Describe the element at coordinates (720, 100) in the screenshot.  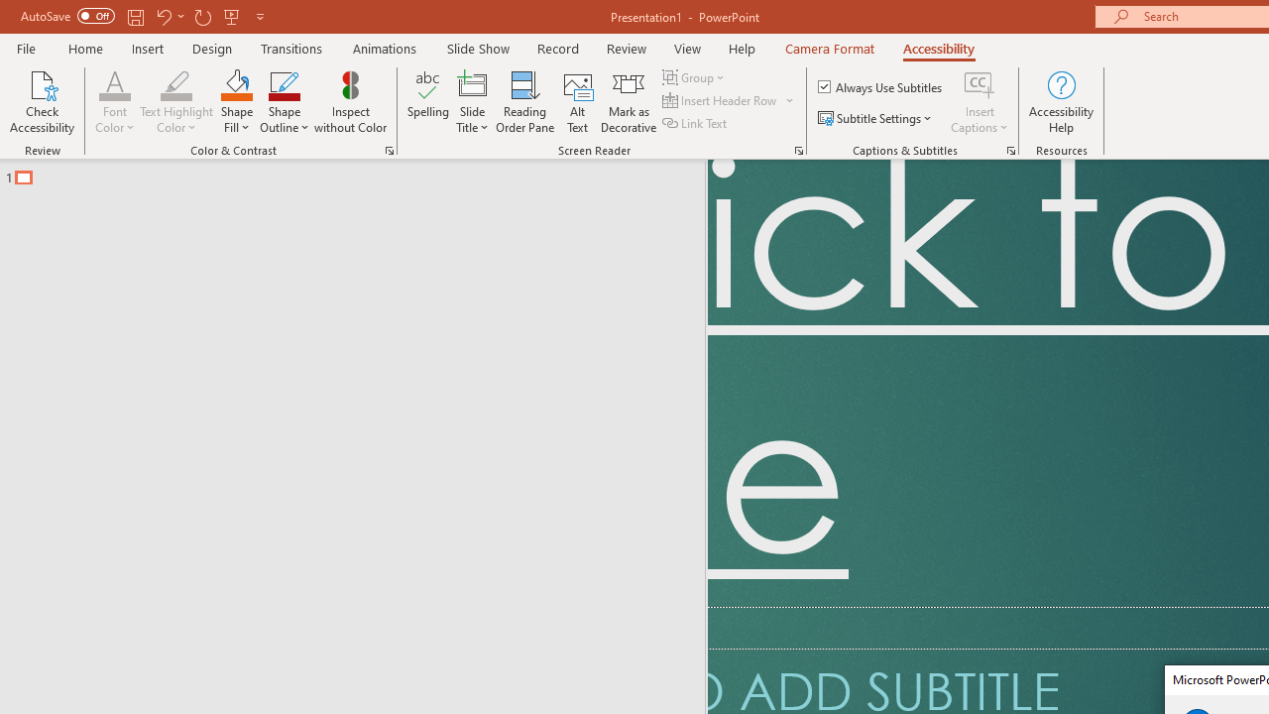
I see `'Insert Header Row'` at that location.